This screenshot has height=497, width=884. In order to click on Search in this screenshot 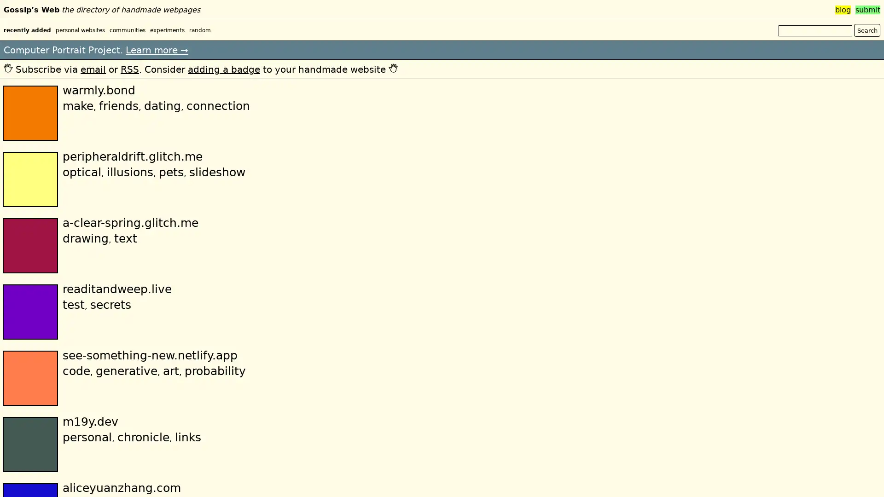, I will do `click(867, 29)`.